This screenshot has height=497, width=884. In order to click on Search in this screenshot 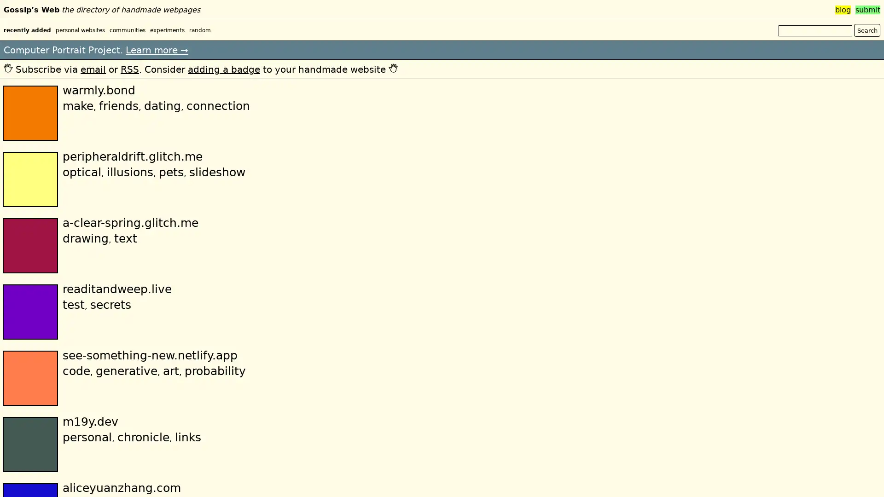, I will do `click(867, 29)`.